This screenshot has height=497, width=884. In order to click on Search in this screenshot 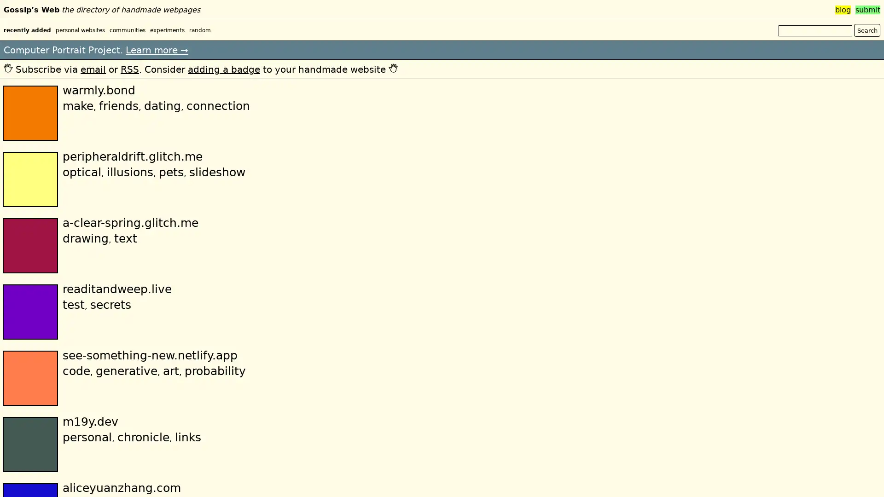, I will do `click(867, 29)`.